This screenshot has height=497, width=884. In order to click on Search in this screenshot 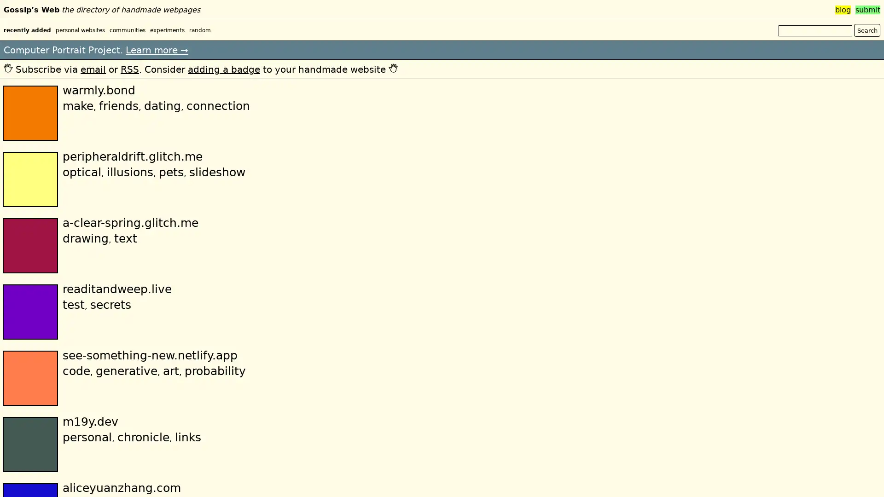, I will do `click(867, 29)`.